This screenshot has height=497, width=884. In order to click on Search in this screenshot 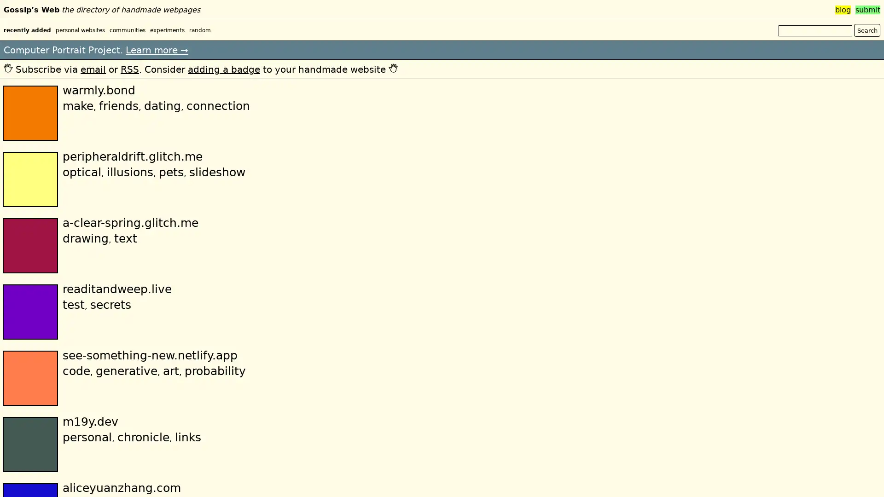, I will do `click(867, 29)`.